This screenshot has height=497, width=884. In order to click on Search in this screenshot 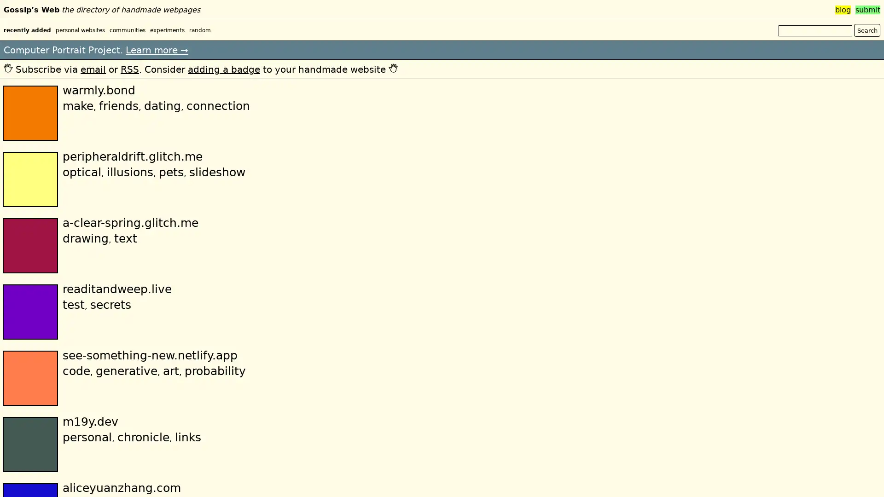, I will do `click(867, 29)`.